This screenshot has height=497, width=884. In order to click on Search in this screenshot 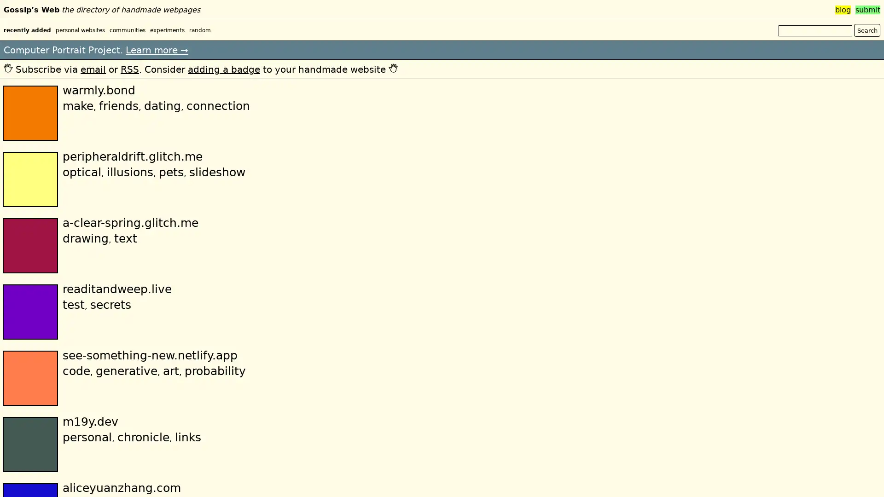, I will do `click(867, 29)`.